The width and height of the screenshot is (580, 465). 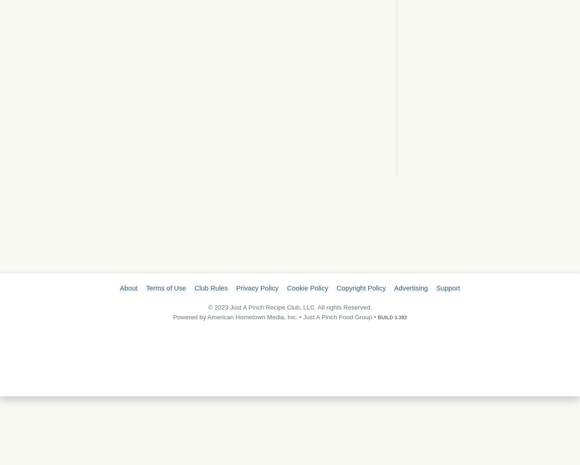 What do you see at coordinates (289, 307) in the screenshot?
I see `'© 2023 Just A Pinch Recipe Club, LLC. All rights Reserved.'` at bounding box center [289, 307].